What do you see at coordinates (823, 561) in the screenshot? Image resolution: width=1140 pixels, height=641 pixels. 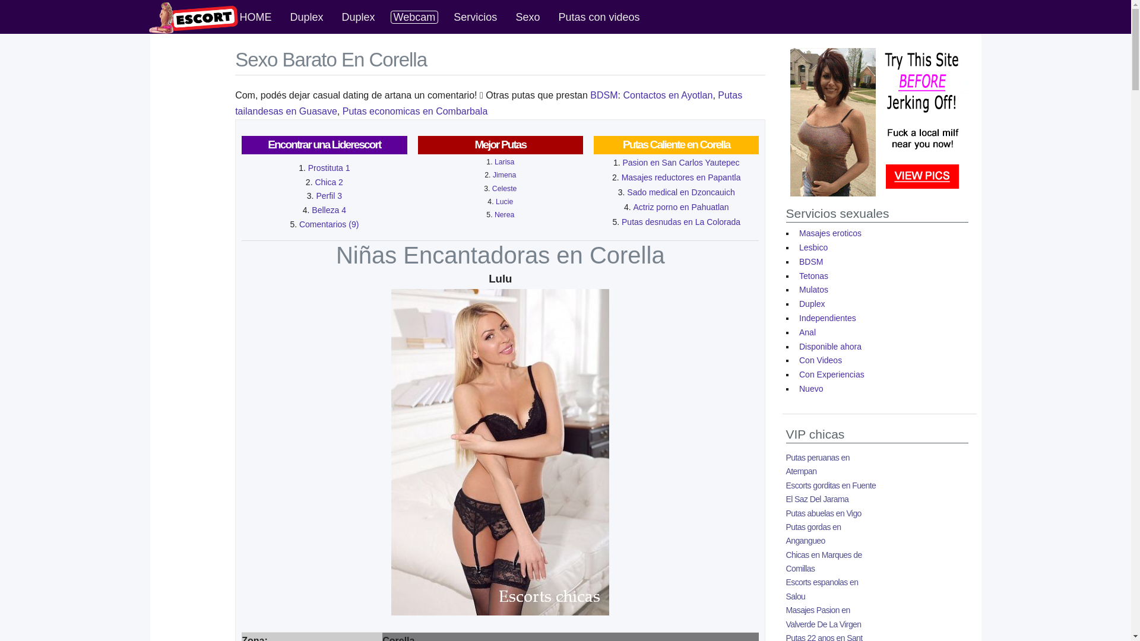 I see `'Chicas en Marques de Comillas'` at bounding box center [823, 561].